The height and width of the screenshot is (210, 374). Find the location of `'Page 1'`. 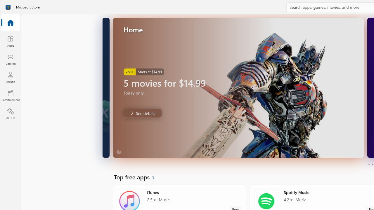

'Page 1' is located at coordinates (368, 164).